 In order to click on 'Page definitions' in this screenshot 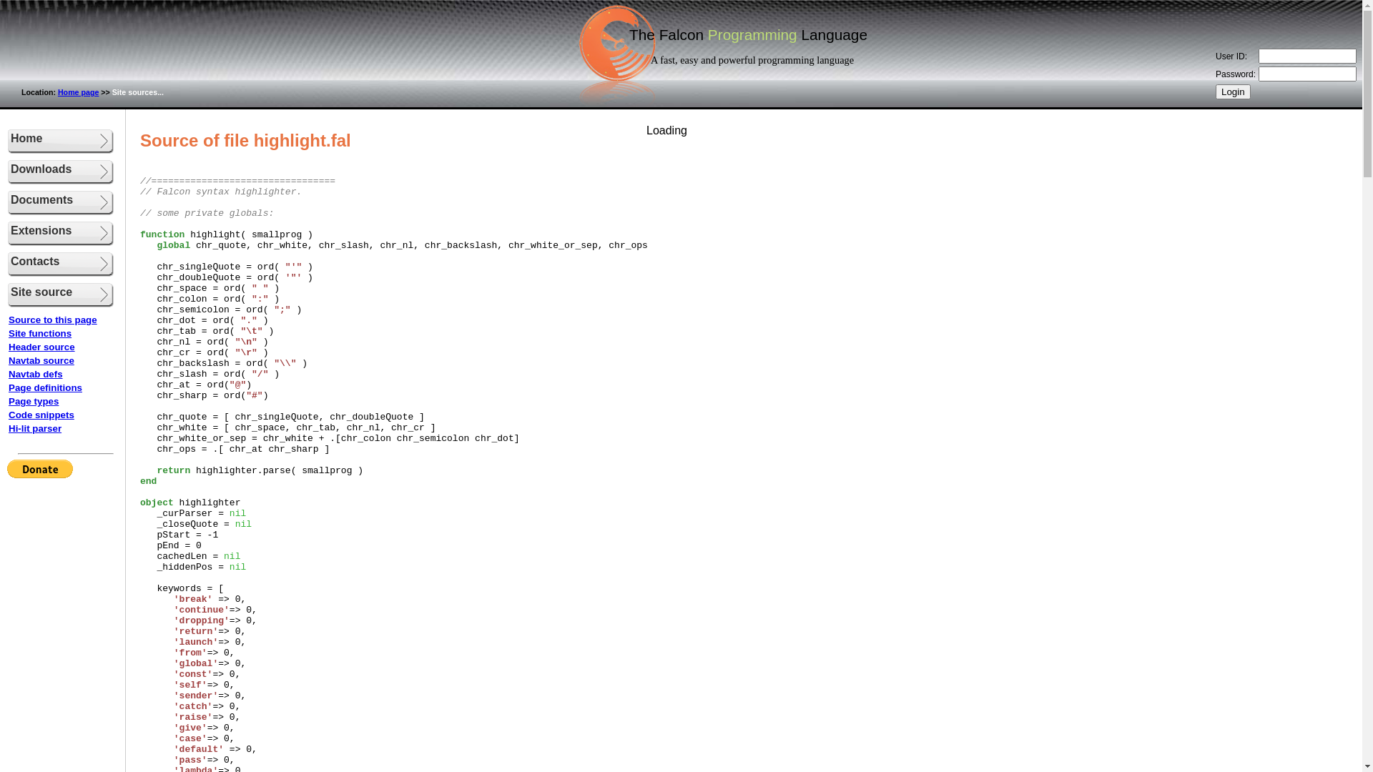, I will do `click(45, 387)`.